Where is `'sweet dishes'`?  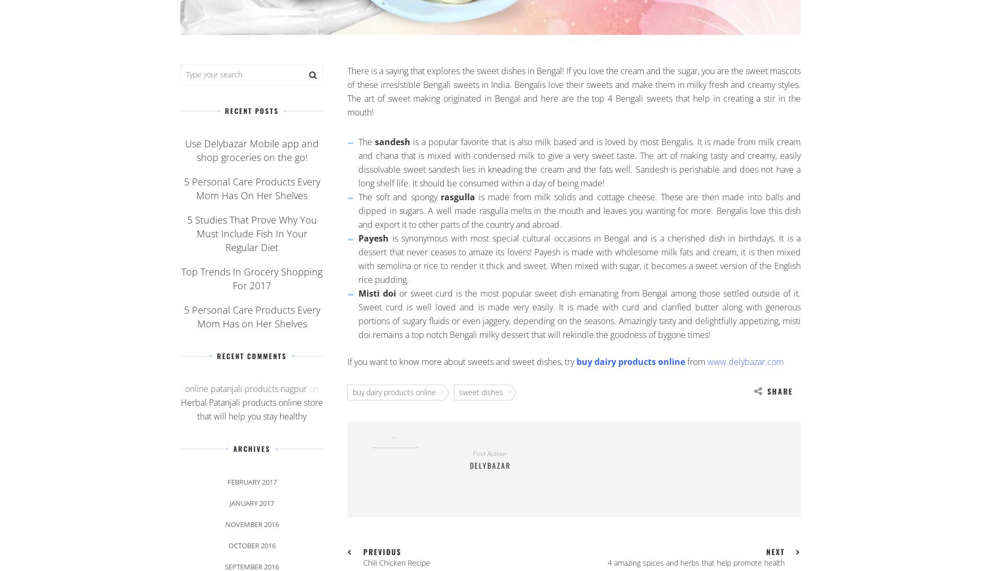
'sweet dishes' is located at coordinates (481, 392).